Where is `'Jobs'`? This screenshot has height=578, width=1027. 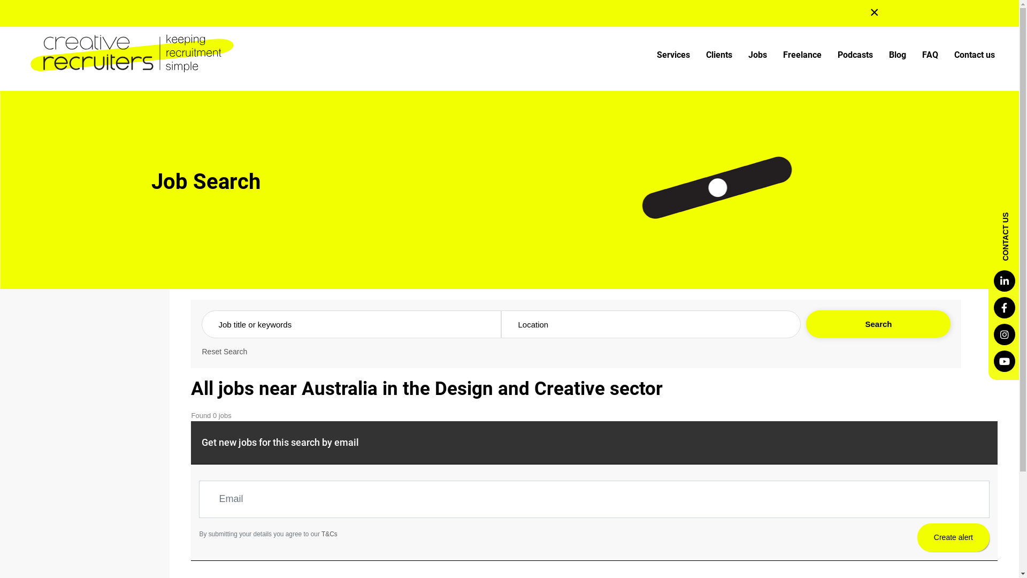 'Jobs' is located at coordinates (757, 55).